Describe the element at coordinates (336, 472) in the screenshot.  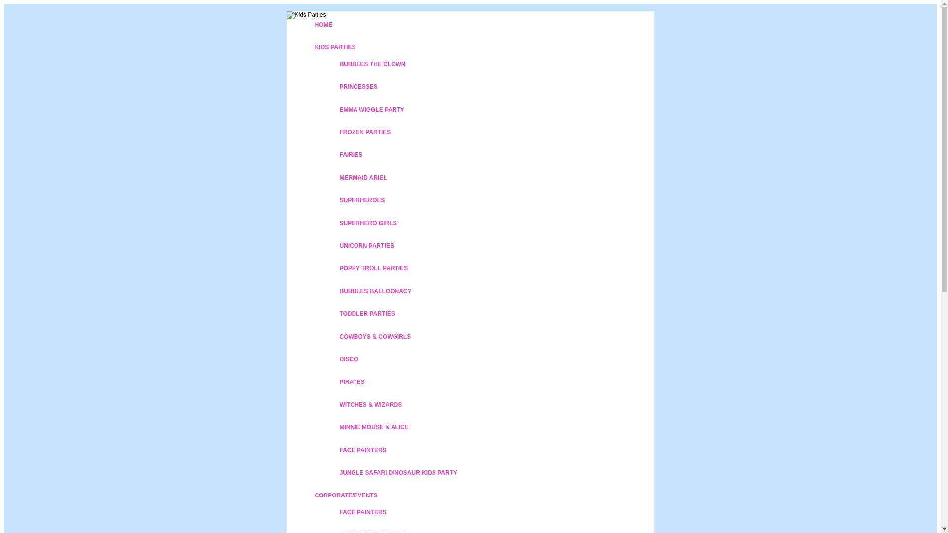
I see `'JUNGLE SAFARI DINOSAUR KIDS PARTY'` at that location.